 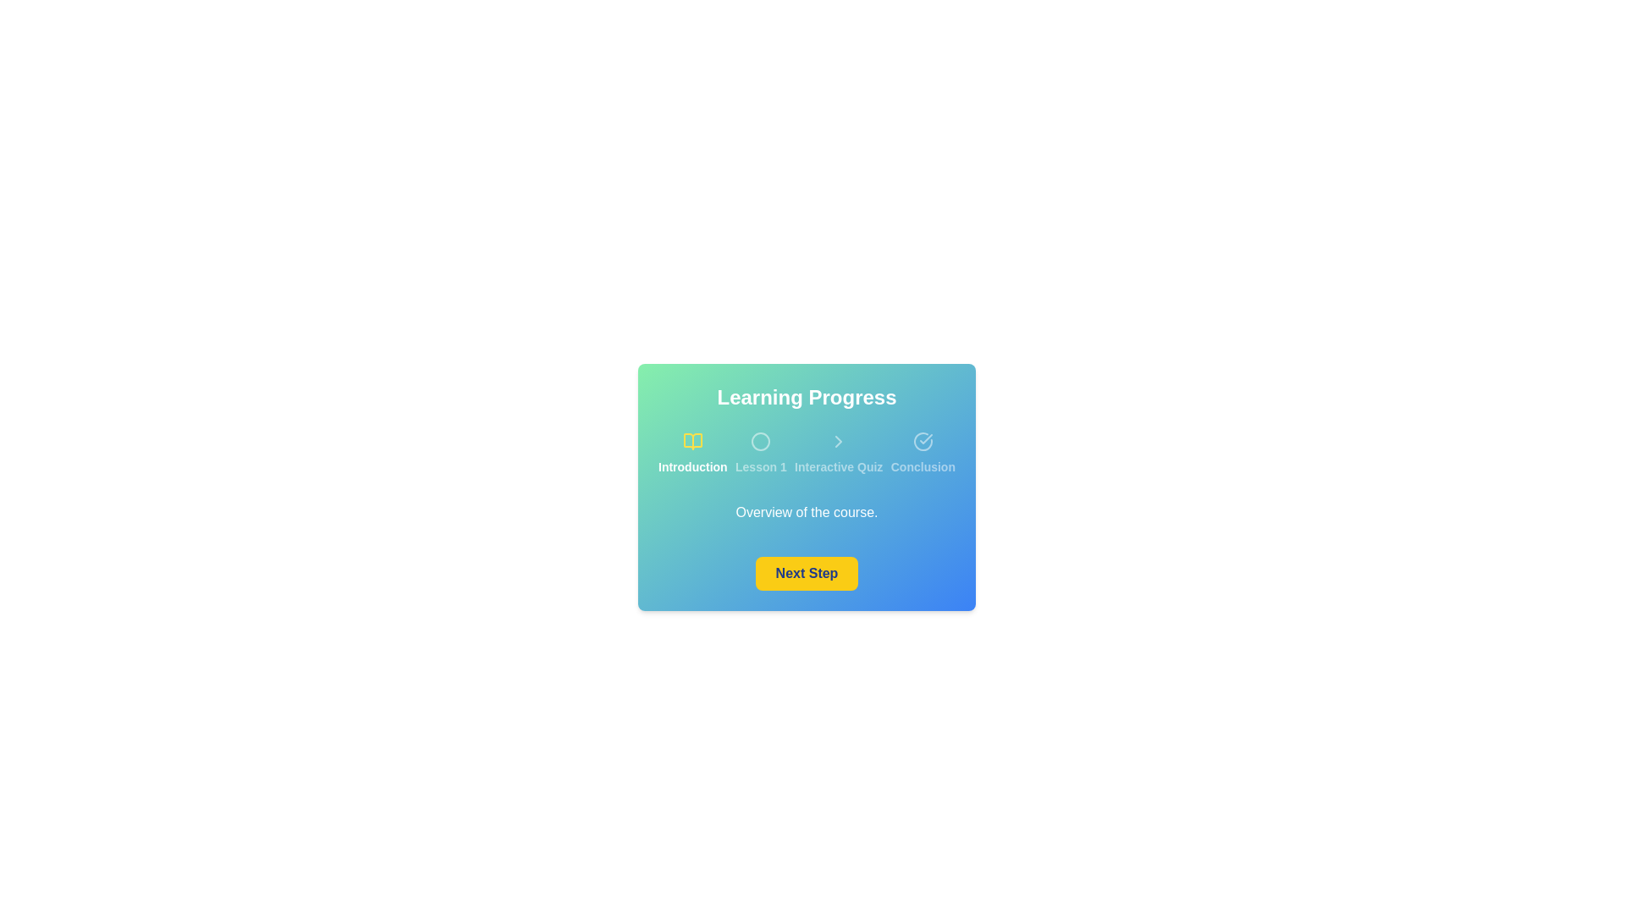 I want to click on the yellow book icon associated with the 'Introduction' section, which is the first icon in a horizontal sequence, so click(x=692, y=440).